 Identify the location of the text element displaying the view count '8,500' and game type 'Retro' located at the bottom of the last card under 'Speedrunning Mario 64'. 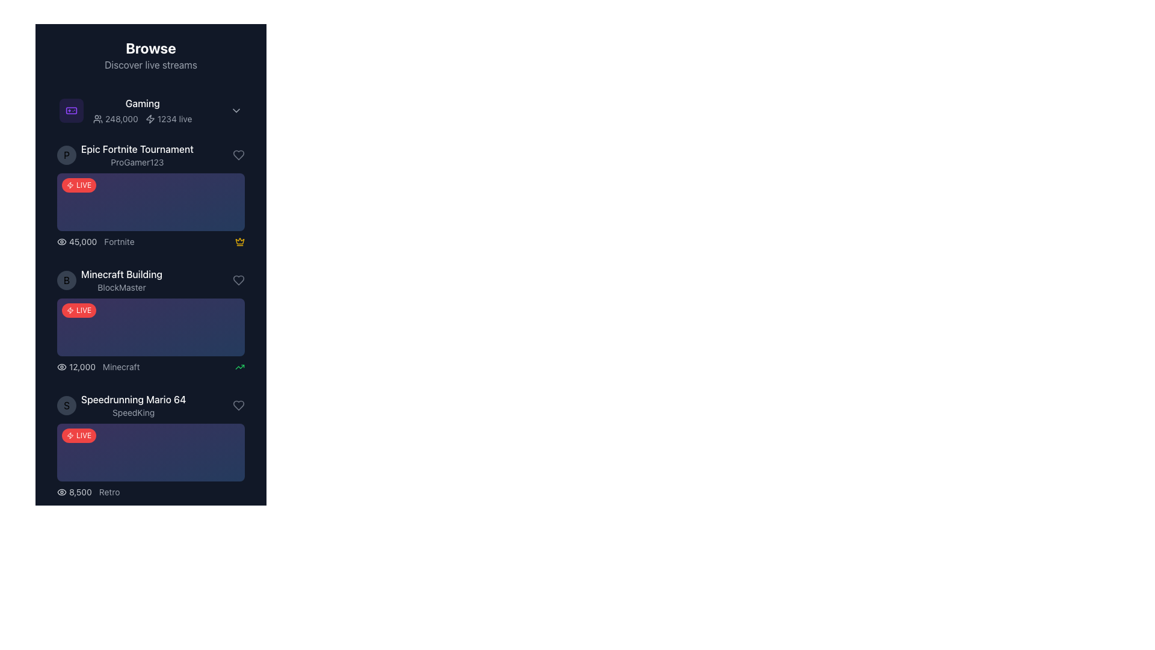
(88, 492).